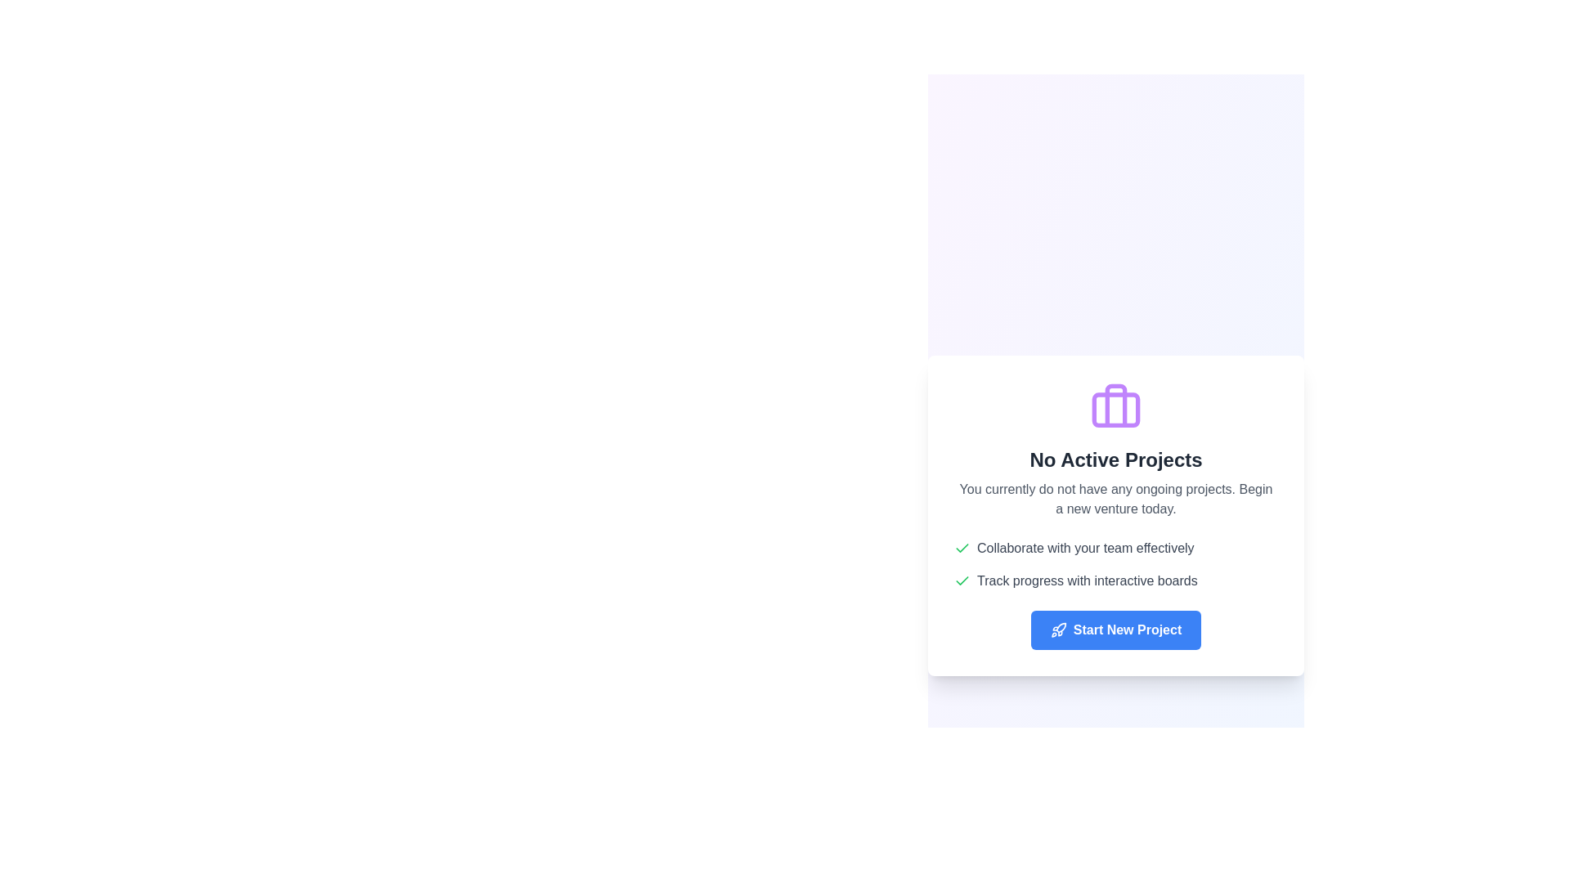  What do you see at coordinates (962, 549) in the screenshot?
I see `the green checkmark icon indicating completion, located to the left of the text 'Collaborate with your team effectively'` at bounding box center [962, 549].